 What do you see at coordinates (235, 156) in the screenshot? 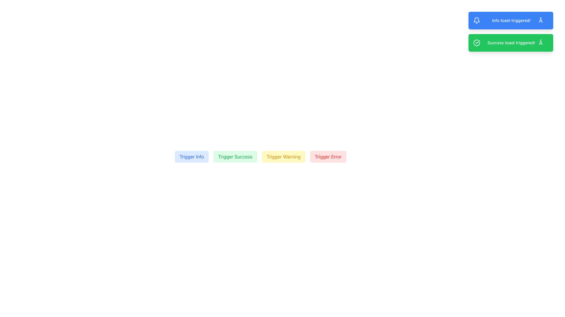
I see `the 'Trigger Success' button, which is a light green rectangular button with rounded corners, positioned in a horizontal group between 'Trigger Info' and 'Trigger Warning'` at bounding box center [235, 156].